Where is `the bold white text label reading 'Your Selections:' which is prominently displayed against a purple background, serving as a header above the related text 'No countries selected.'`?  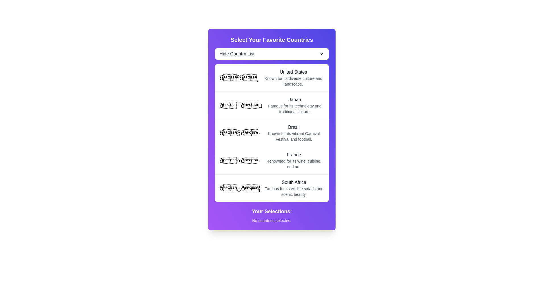 the bold white text label reading 'Your Selections:' which is prominently displayed against a purple background, serving as a header above the related text 'No countries selected.' is located at coordinates (271, 211).